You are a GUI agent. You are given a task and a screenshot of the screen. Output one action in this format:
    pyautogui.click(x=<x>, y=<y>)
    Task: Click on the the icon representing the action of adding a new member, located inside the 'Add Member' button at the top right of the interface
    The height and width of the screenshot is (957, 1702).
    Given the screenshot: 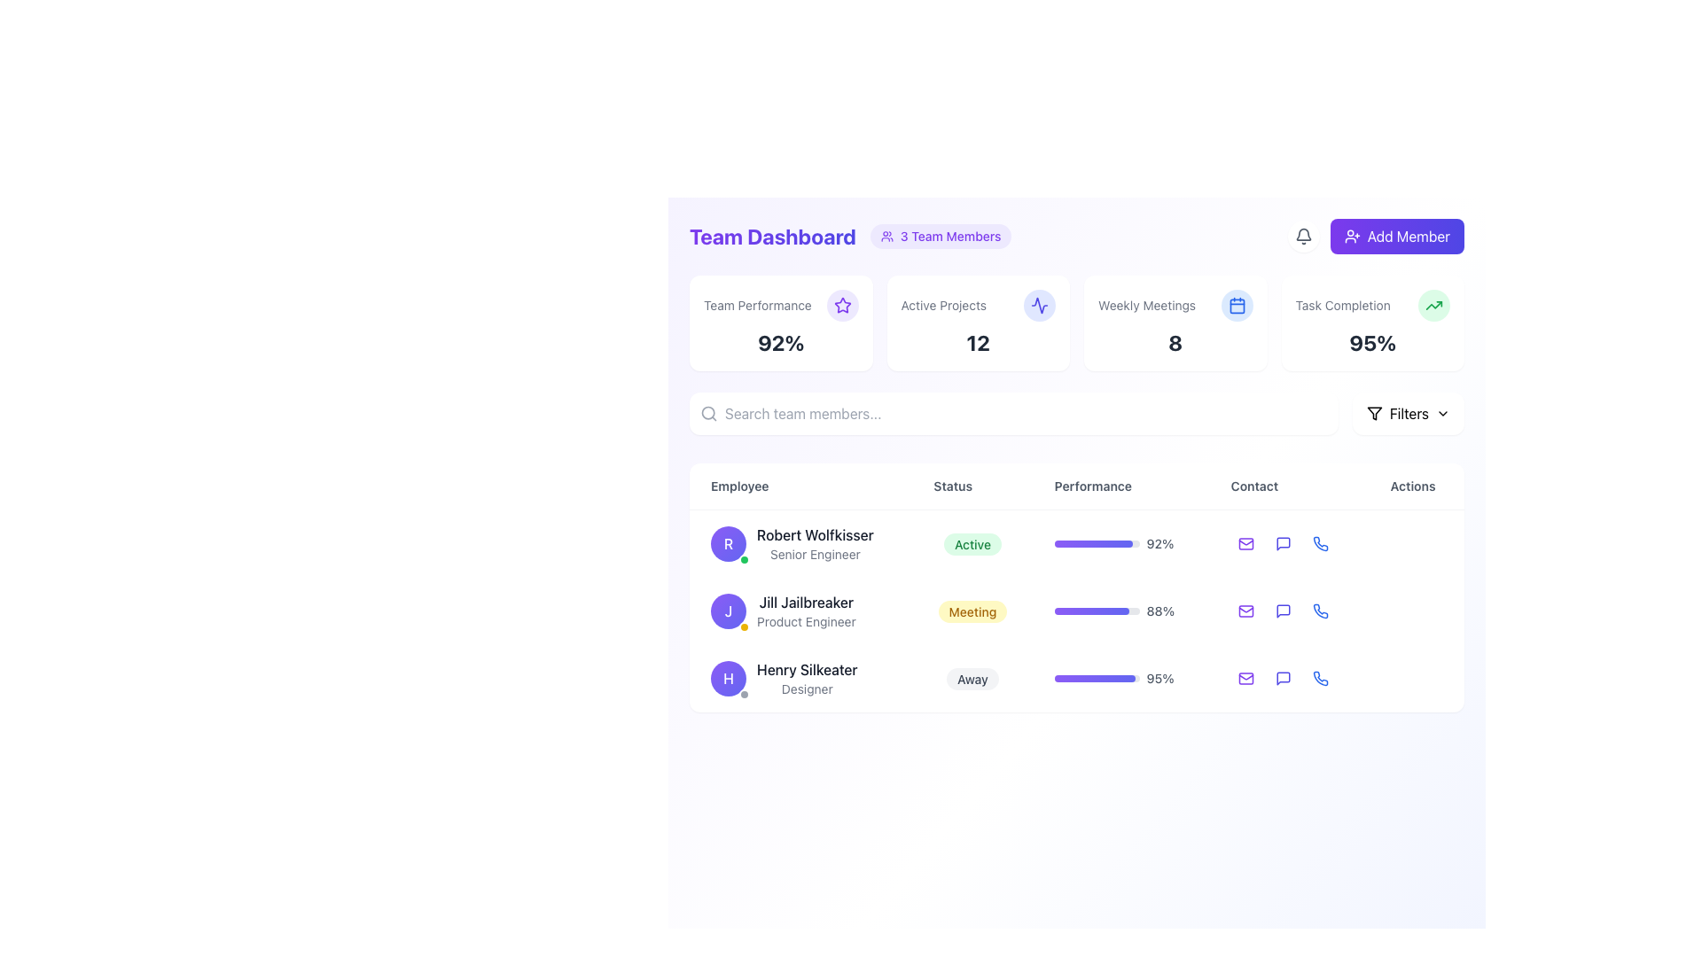 What is the action you would take?
    pyautogui.click(x=1351, y=235)
    